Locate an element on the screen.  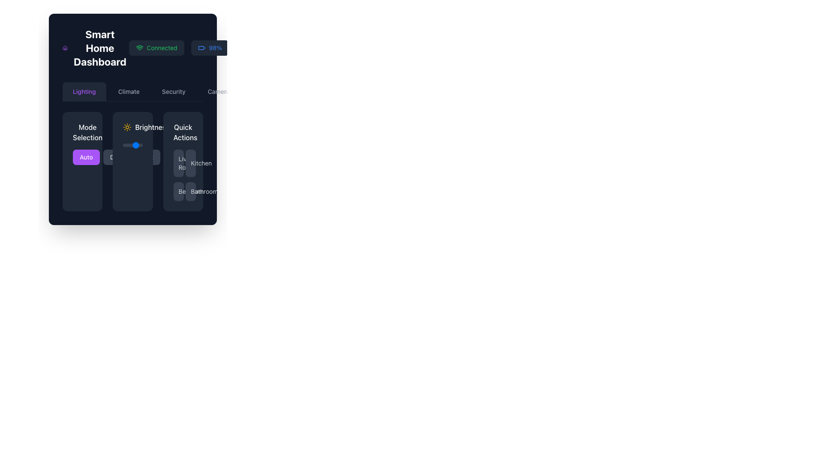
the green 'Connected' text label displayed in a sans-serif font, which is part of a component with a Wi-Fi icon to its left and is located in the top-right section of the interface is located at coordinates (162, 48).